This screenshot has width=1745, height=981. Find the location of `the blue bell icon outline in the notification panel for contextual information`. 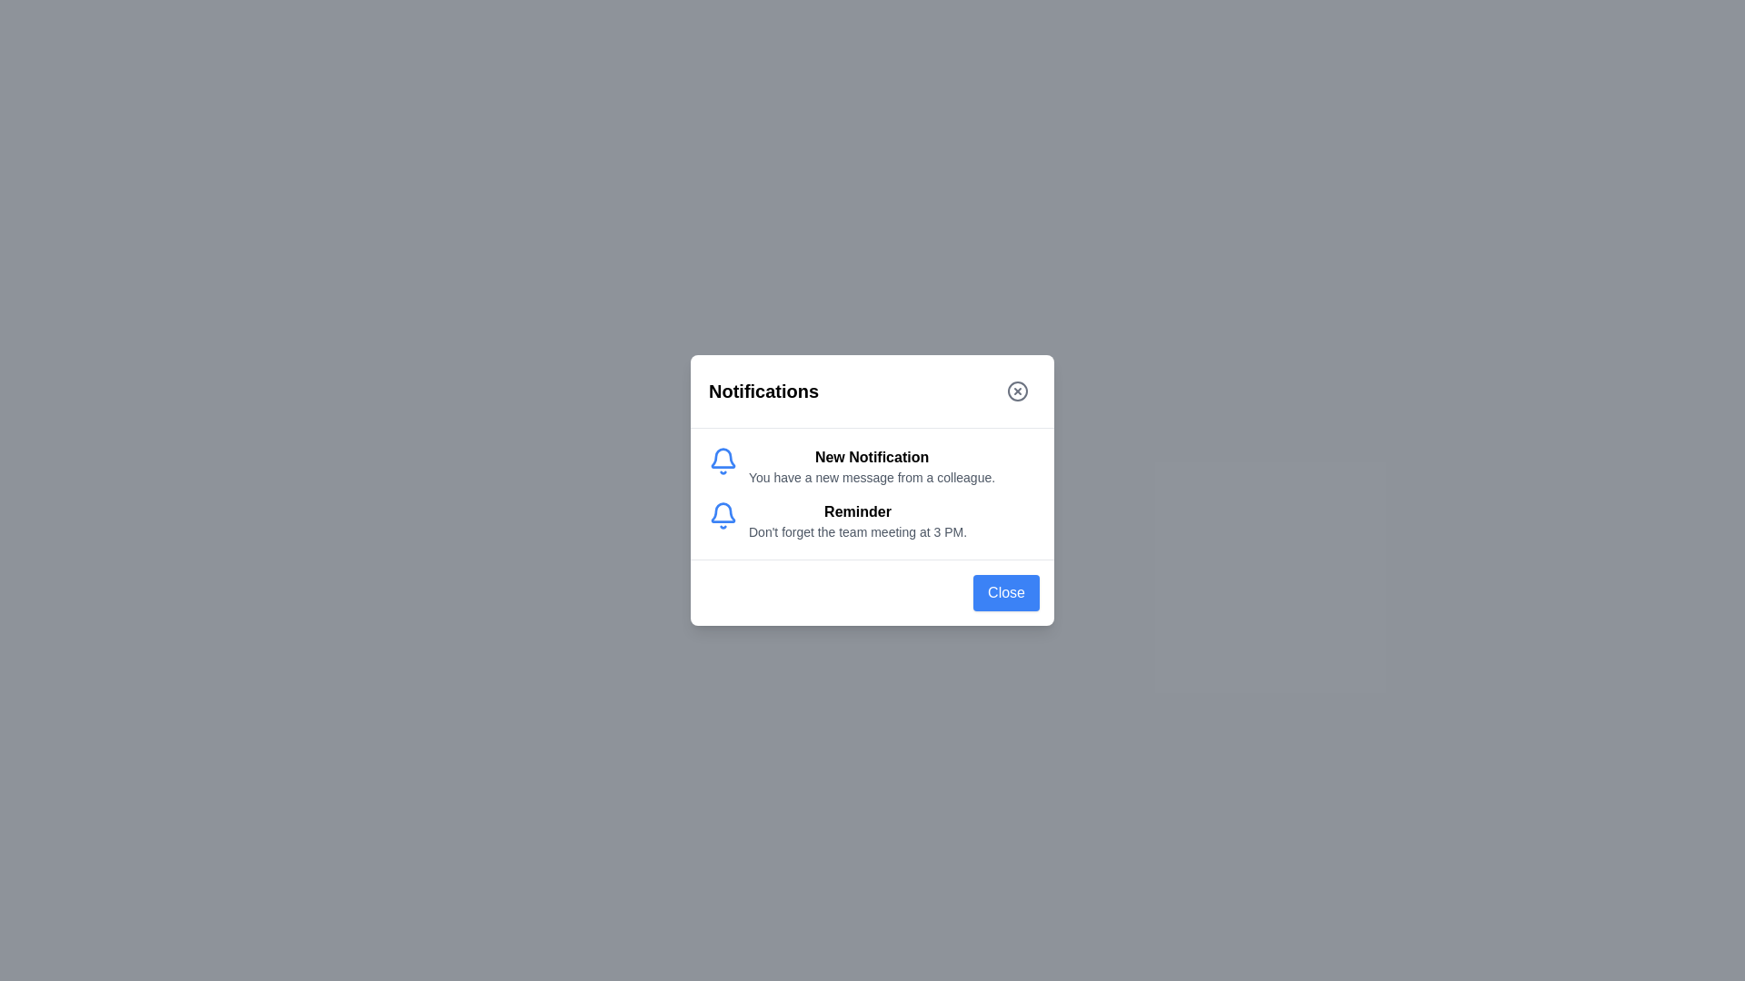

the blue bell icon outline in the notification panel for contextual information is located at coordinates (723, 512).